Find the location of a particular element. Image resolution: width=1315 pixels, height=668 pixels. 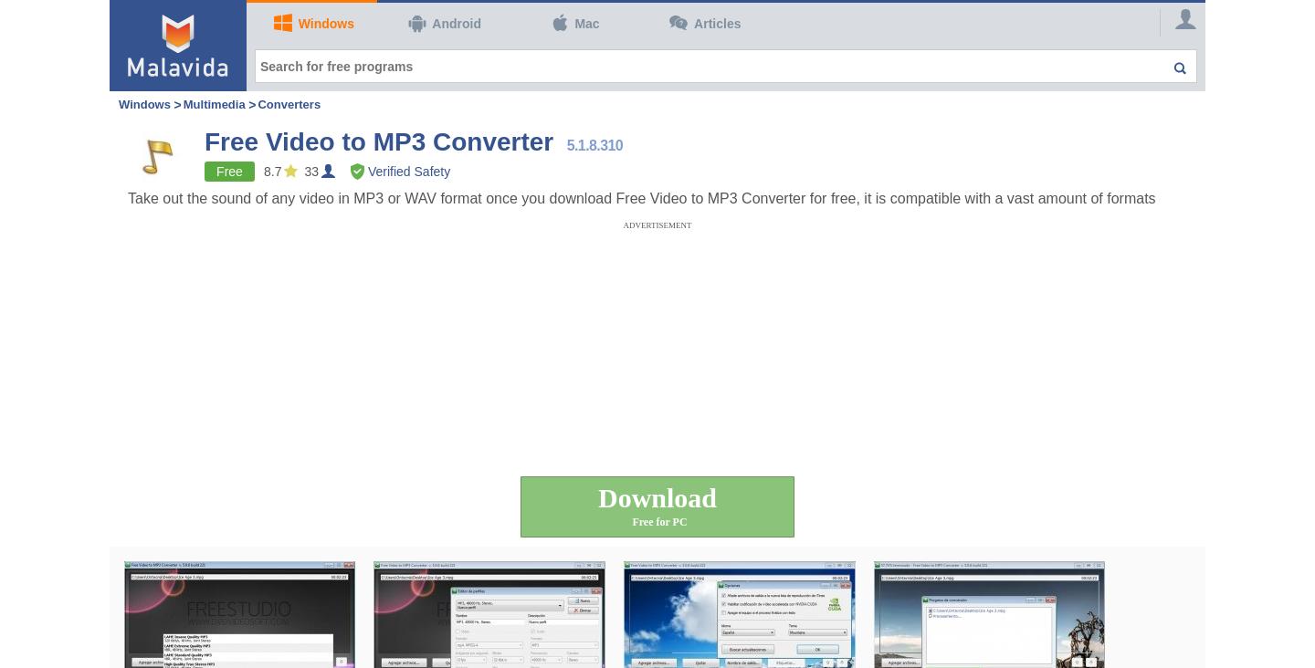

'Take out the sound of any video in MP3 or WAV format once you download Free Video to MP3 Converter for free, it is compatible with a vast amount of formats' is located at coordinates (641, 197).